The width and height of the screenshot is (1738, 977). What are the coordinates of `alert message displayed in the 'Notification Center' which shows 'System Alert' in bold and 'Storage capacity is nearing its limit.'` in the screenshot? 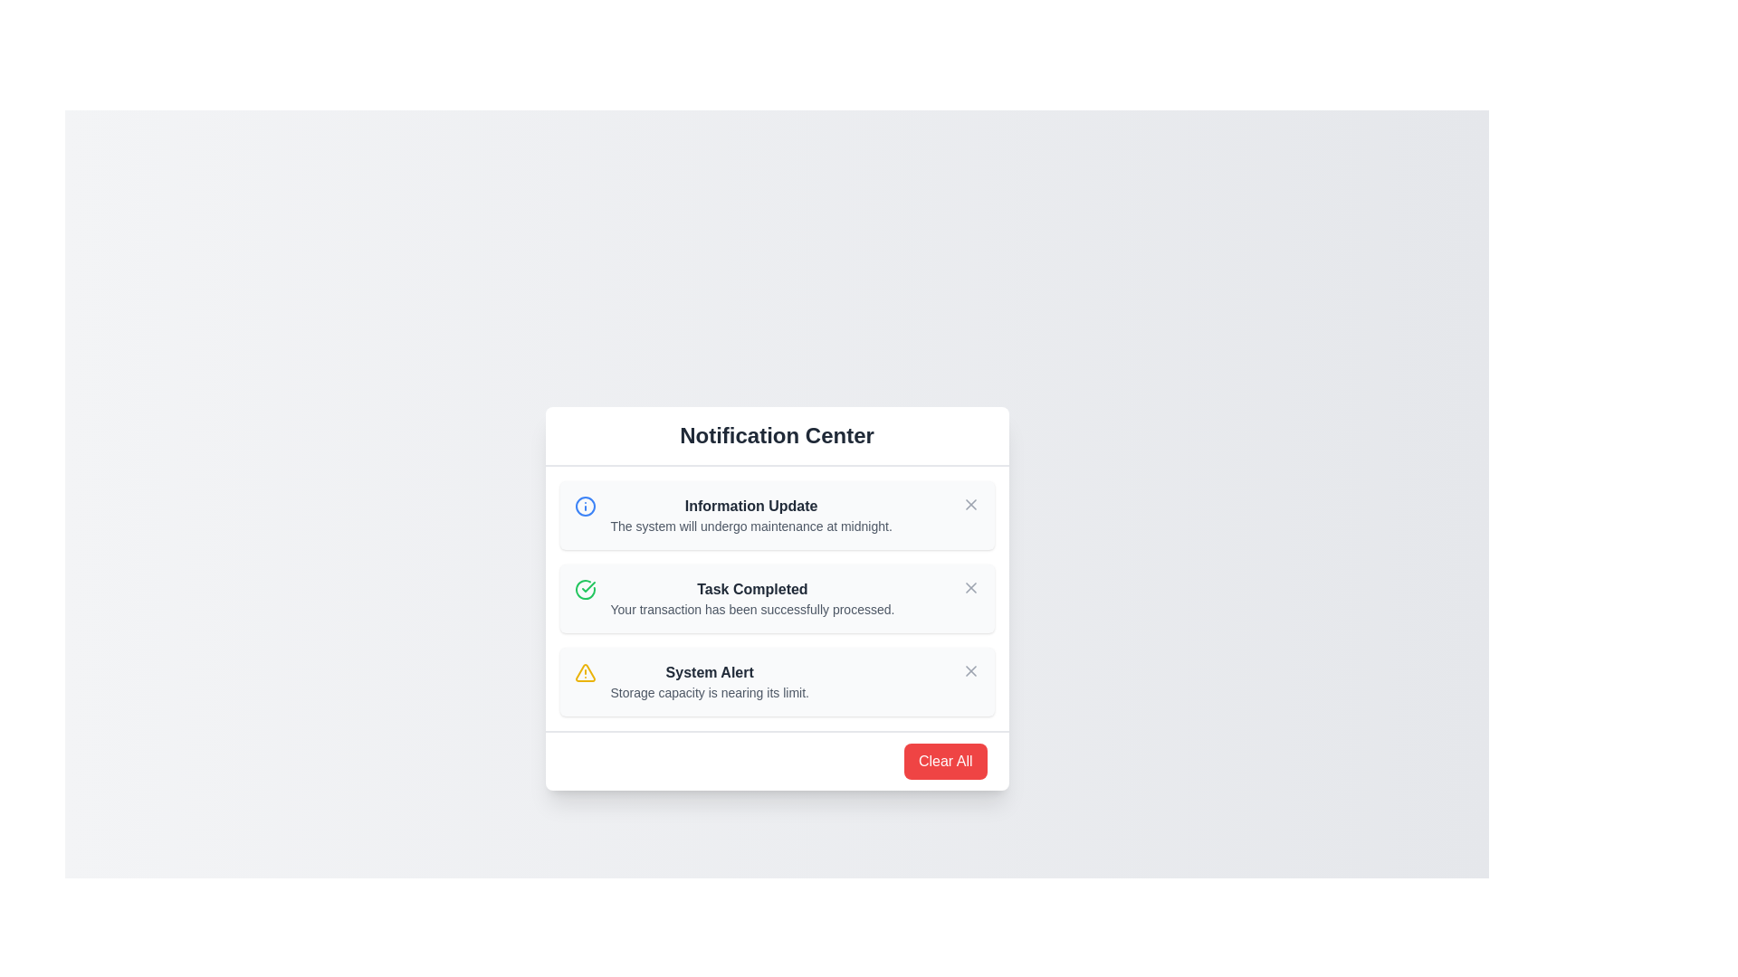 It's located at (709, 681).